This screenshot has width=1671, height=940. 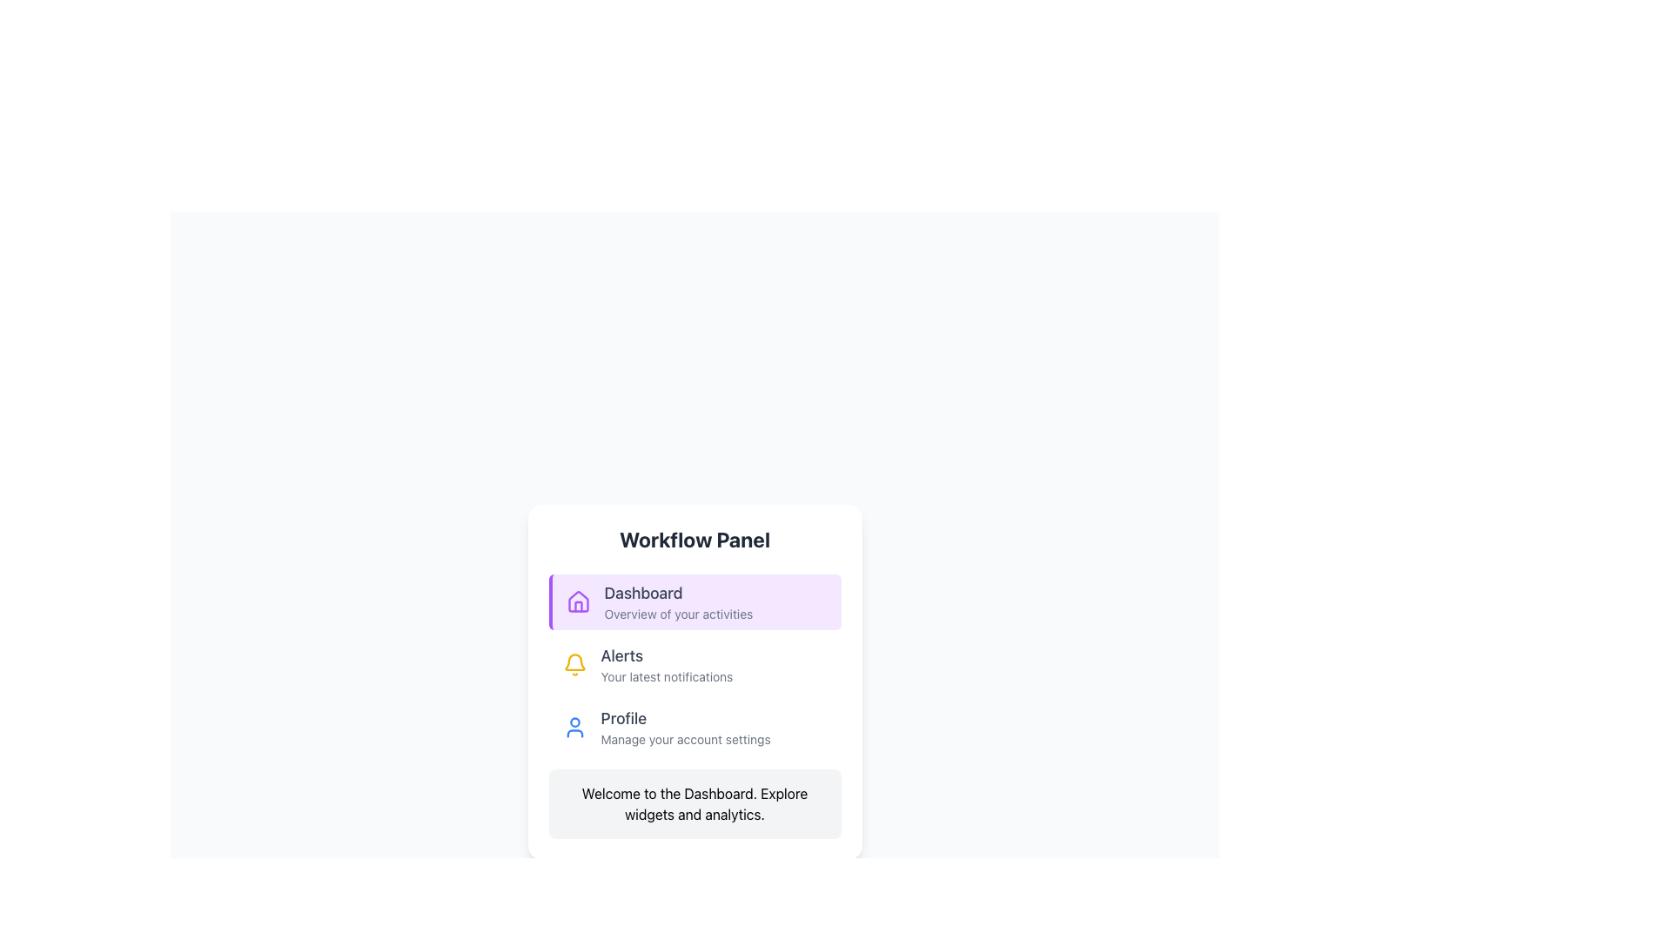 What do you see at coordinates (685, 739) in the screenshot?
I see `the static text label displaying 'Manage your account settings', which is located below the 'Profile' headline in the Profile section of the panel` at bounding box center [685, 739].